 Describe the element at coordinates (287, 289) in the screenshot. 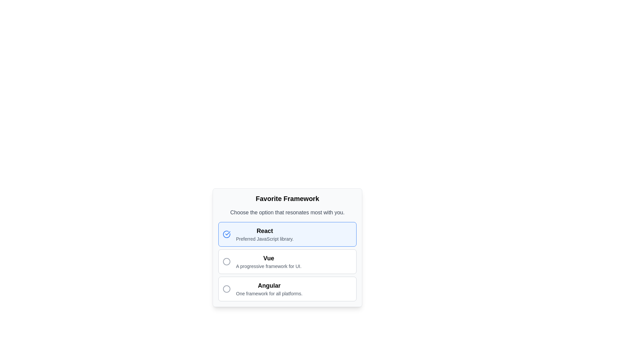

I see `the third selectable option in the list` at that location.